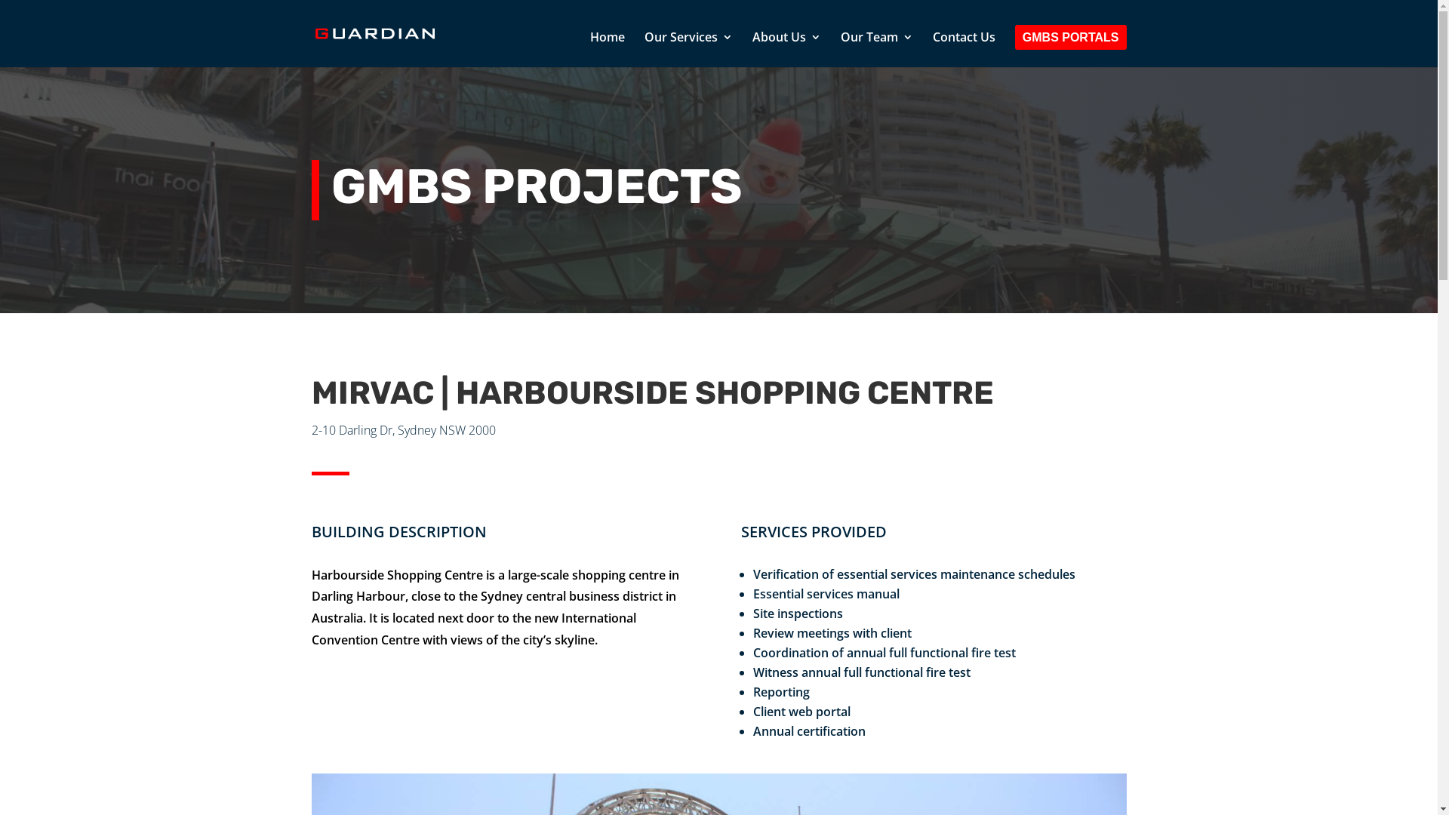  What do you see at coordinates (786, 48) in the screenshot?
I see `'About Us'` at bounding box center [786, 48].